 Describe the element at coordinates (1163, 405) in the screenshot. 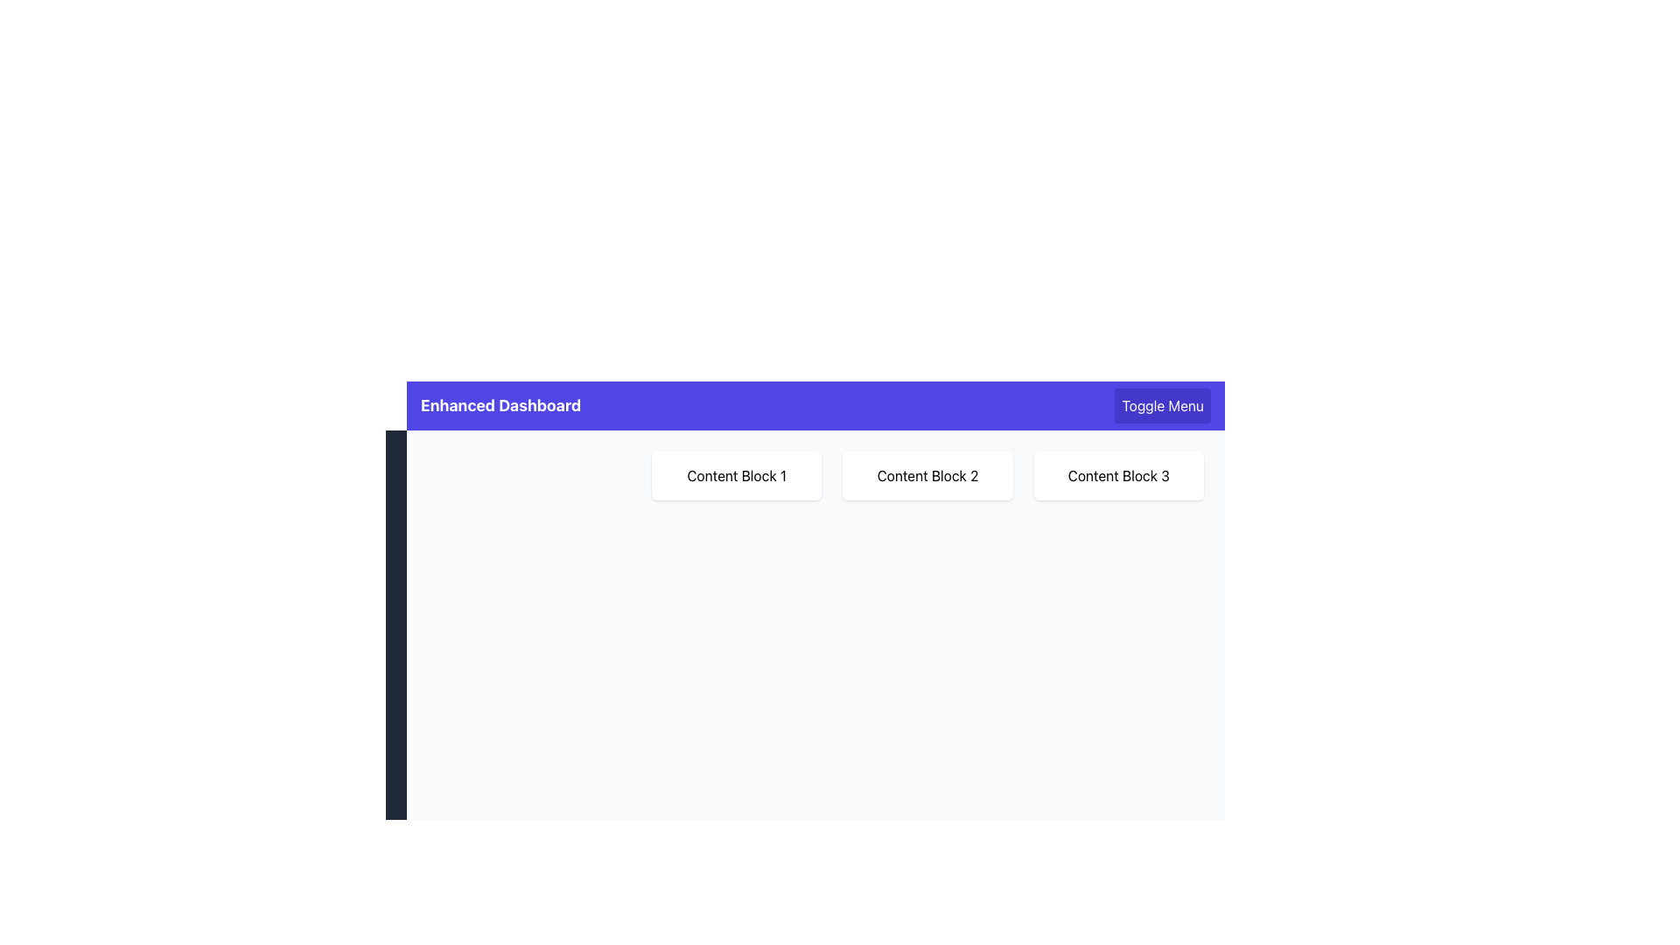

I see `the 'Toggle Menu' button, which is a dark indigo rectangular button with white text, located at the extreme right of the header bar titled 'Enhanced Dashboard'` at that location.